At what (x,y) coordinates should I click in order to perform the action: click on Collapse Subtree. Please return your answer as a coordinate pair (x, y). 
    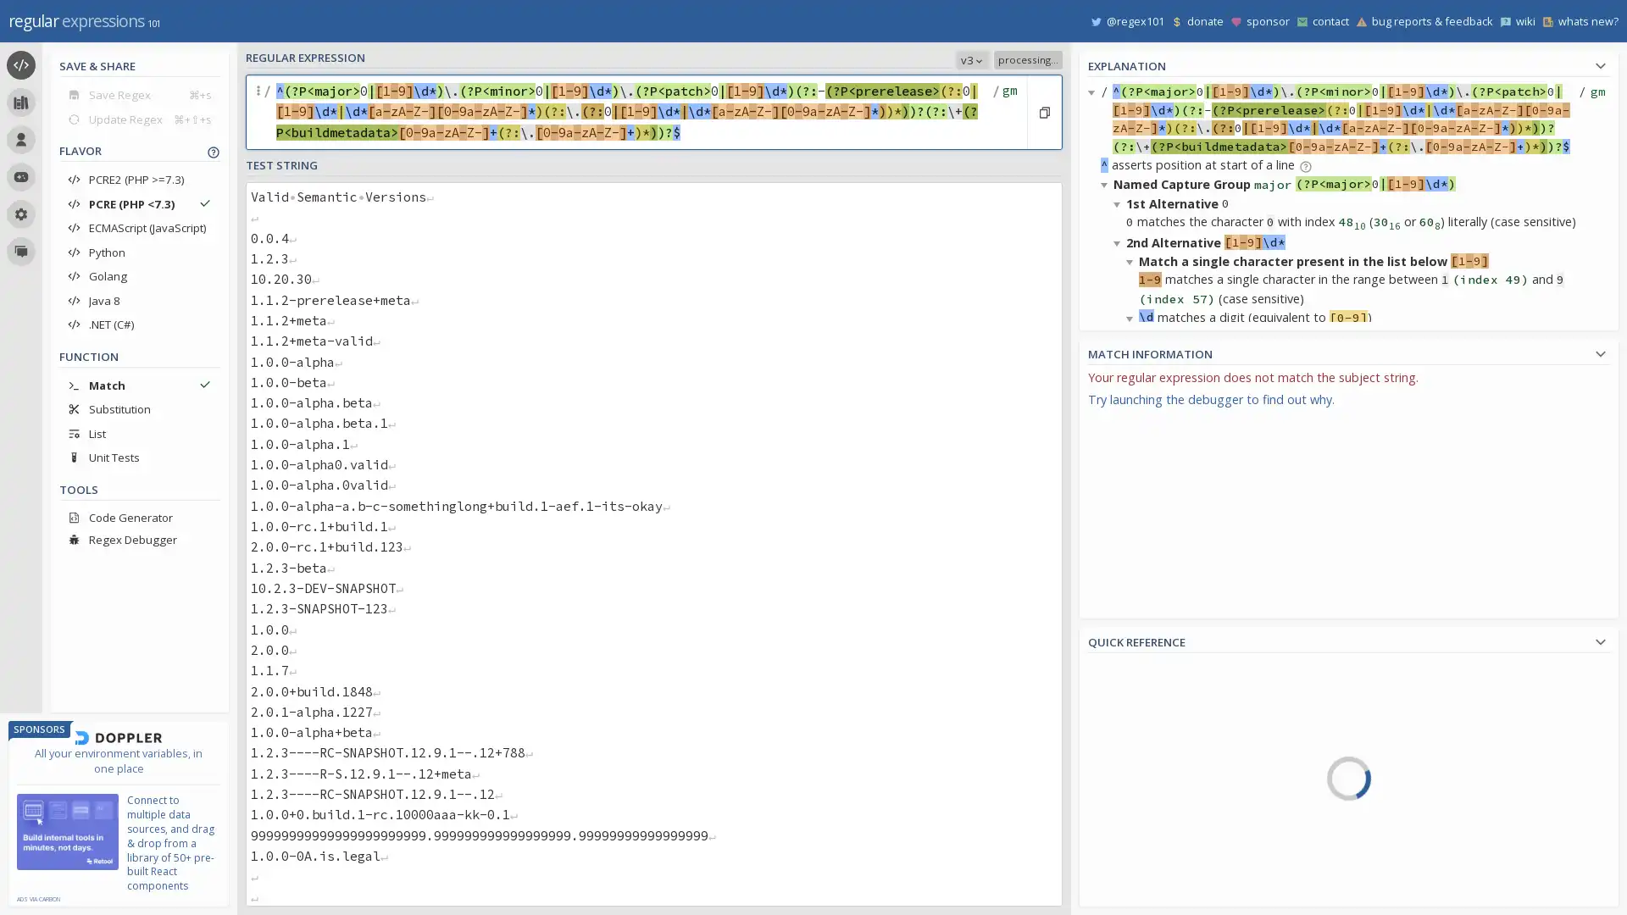
    Looking at the image, I should click on (1107, 395).